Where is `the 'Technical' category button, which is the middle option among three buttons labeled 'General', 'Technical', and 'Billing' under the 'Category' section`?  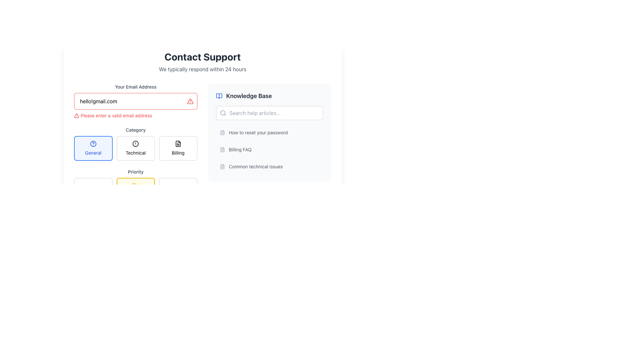 the 'Technical' category button, which is the middle option among three buttons labeled 'General', 'Technical', and 'Billing' under the 'Category' section is located at coordinates (135, 148).